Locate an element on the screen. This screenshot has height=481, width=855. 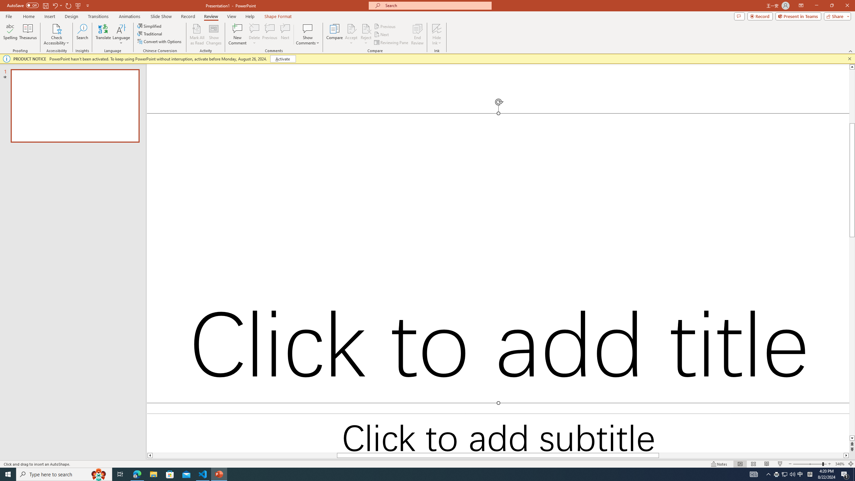
'Thesaurus...' is located at coordinates (27, 34).